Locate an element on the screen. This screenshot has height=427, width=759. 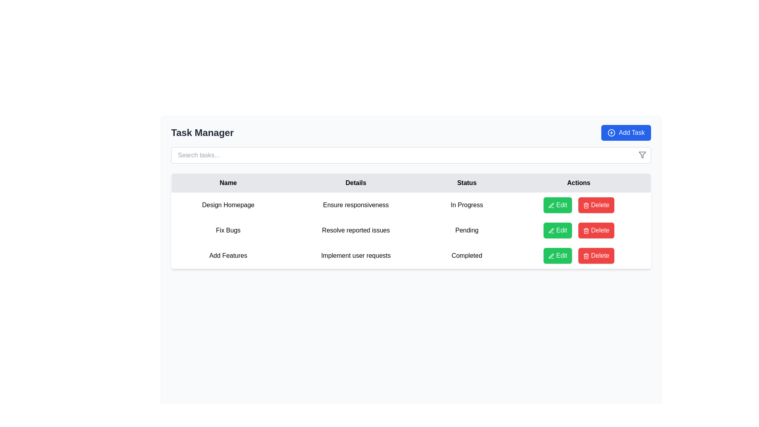
text from the Text Label displaying 'Fix Bugs' located in the second row under the 'Name' column of the table is located at coordinates (228, 230).